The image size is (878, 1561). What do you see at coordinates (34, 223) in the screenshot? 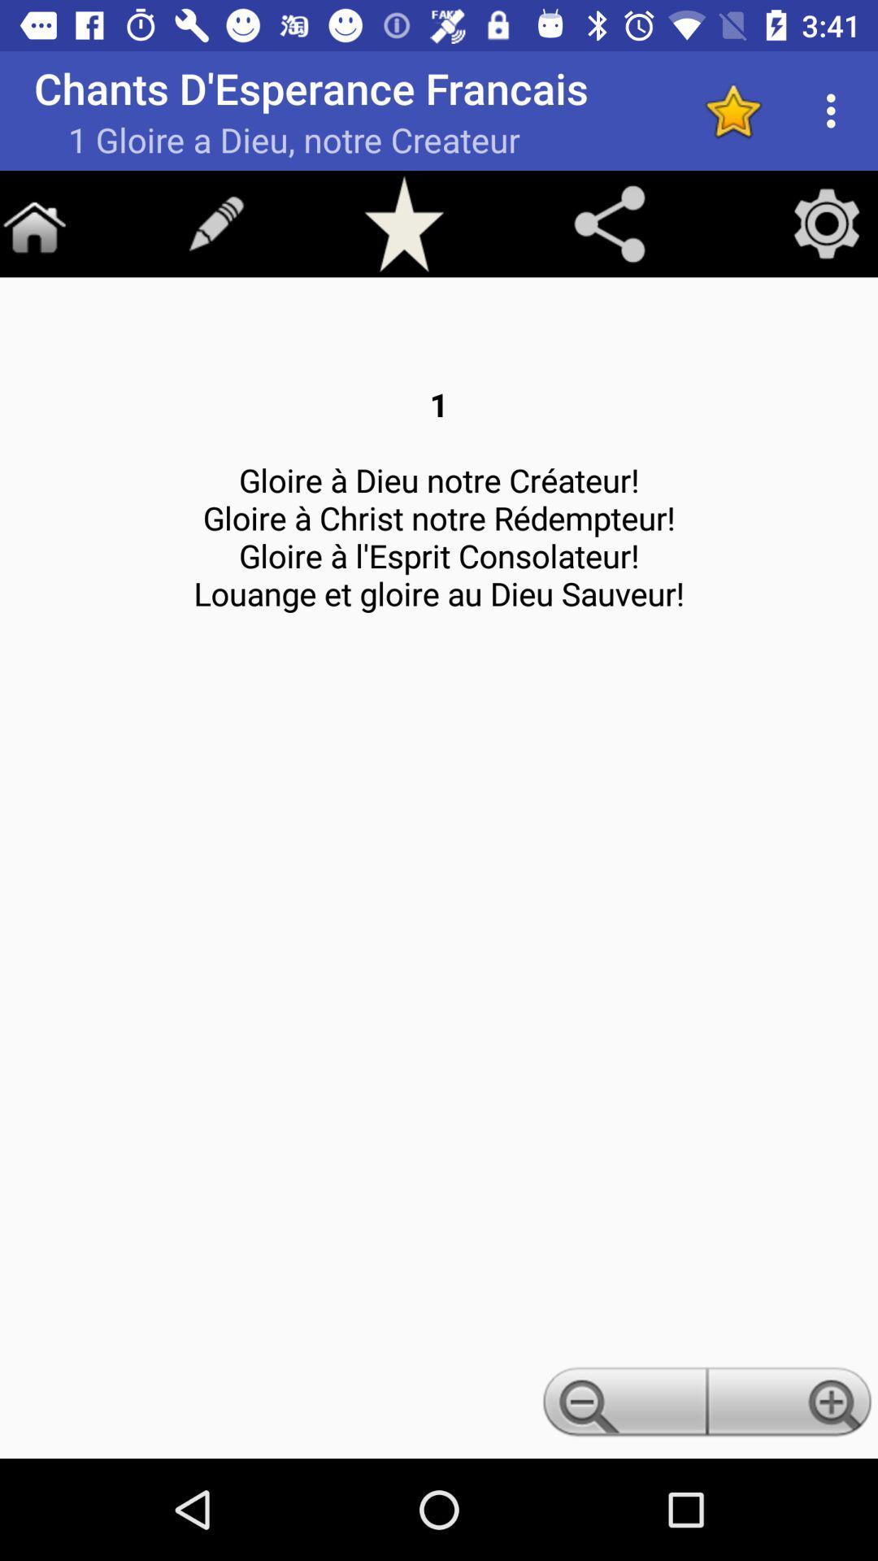
I see `app below the 1 gloire a item` at bounding box center [34, 223].